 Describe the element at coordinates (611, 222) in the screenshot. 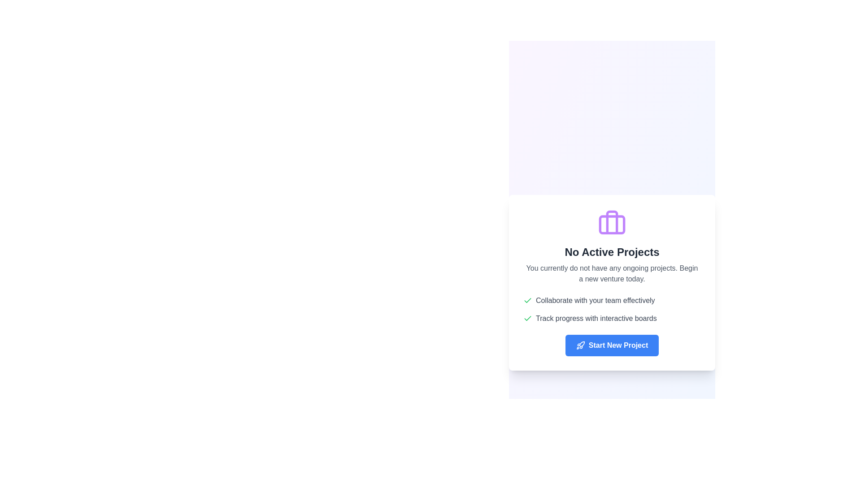

I see `the vertical line segment with rounded edges that is part of the purple briefcase icon, located above the 'No Active Projects' header` at that location.